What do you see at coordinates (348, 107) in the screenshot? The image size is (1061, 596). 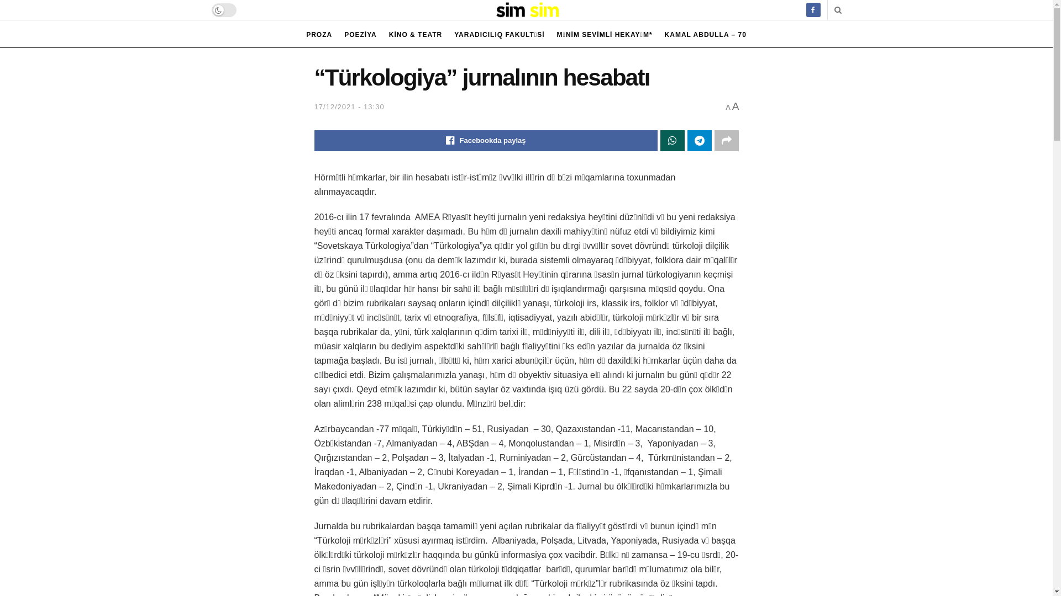 I see `'17/12/2021 - 13:30'` at bounding box center [348, 107].